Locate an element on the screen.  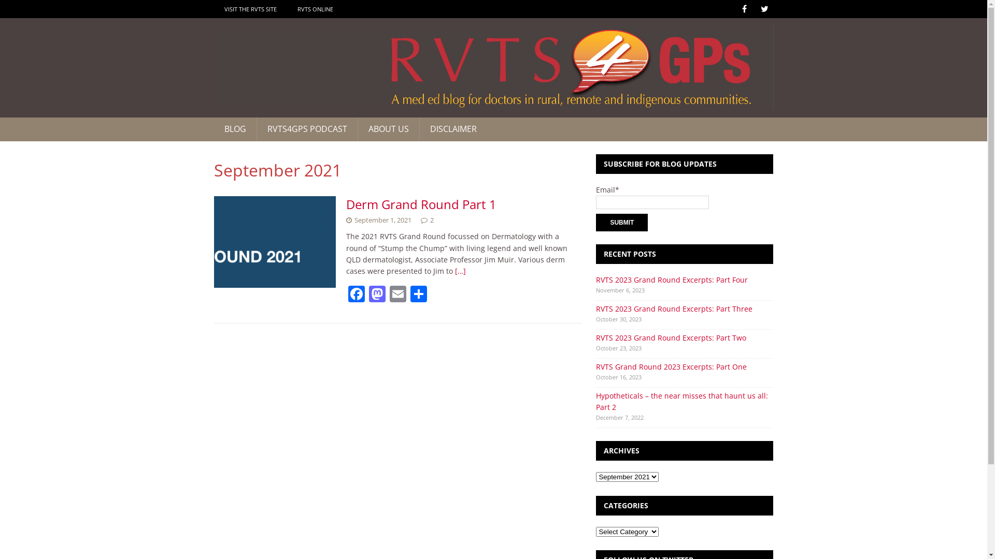
'RVTS 2023 Grand Round Excerpts: Part Three' is located at coordinates (674, 308).